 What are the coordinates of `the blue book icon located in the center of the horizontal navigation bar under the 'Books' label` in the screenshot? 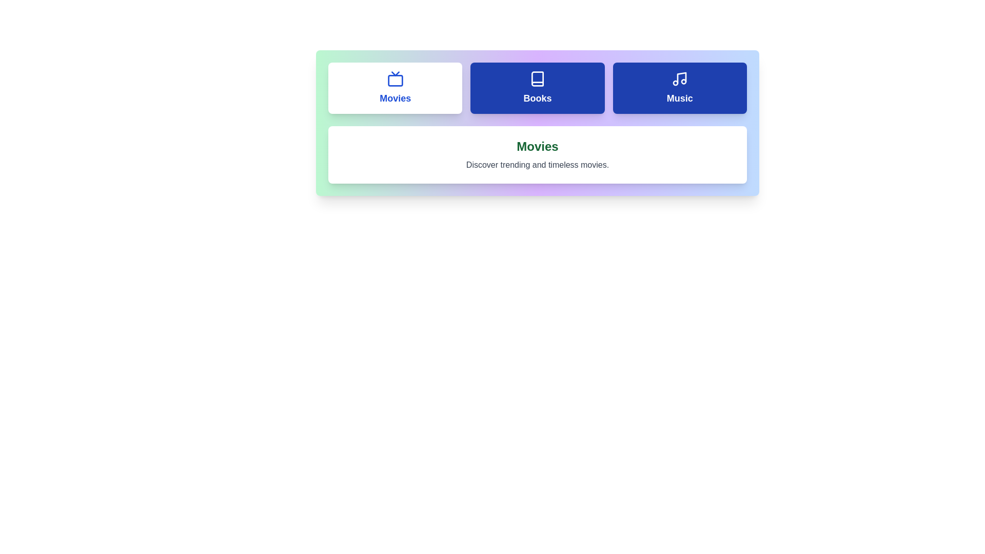 It's located at (537, 78).